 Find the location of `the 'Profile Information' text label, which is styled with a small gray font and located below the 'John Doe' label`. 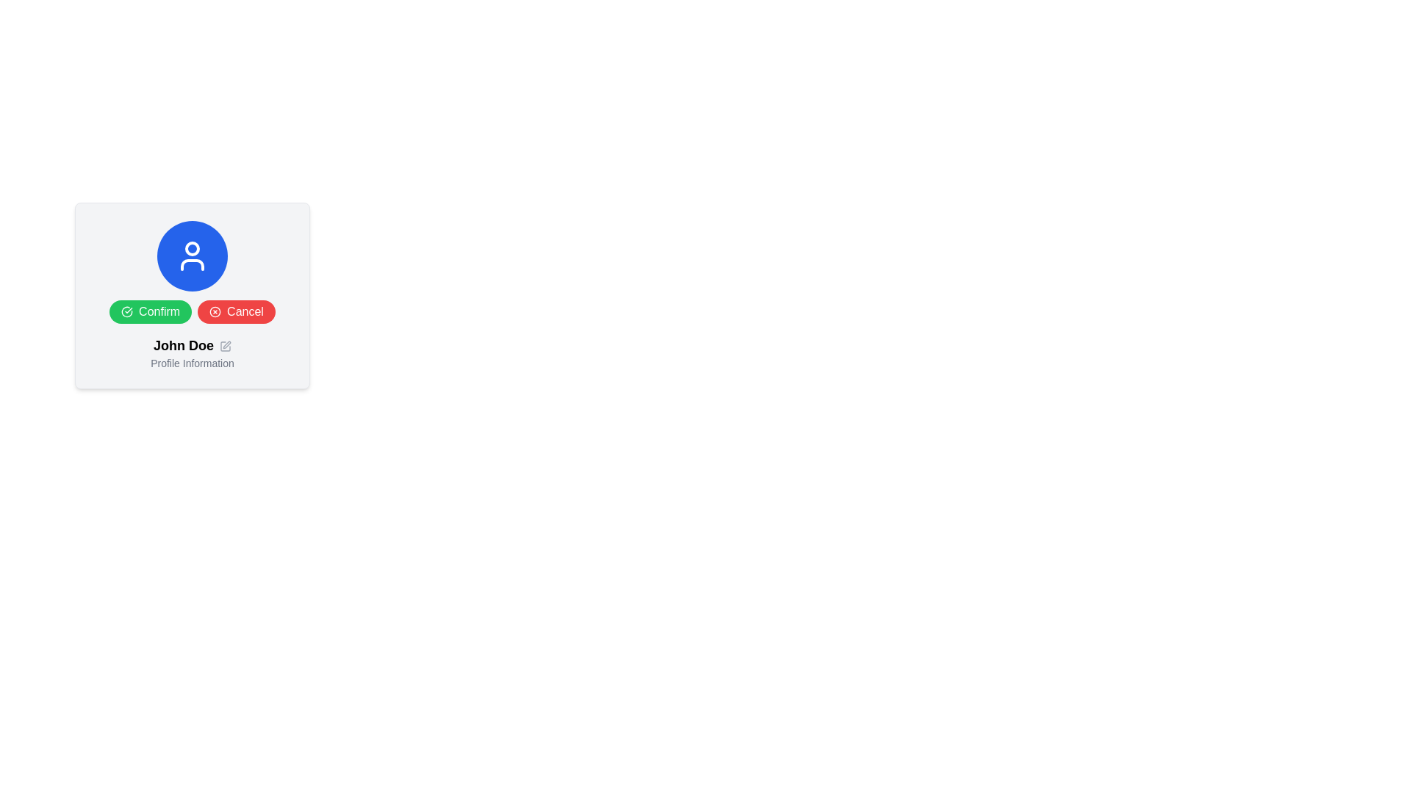

the 'Profile Information' text label, which is styled with a small gray font and located below the 'John Doe' label is located at coordinates (192, 363).